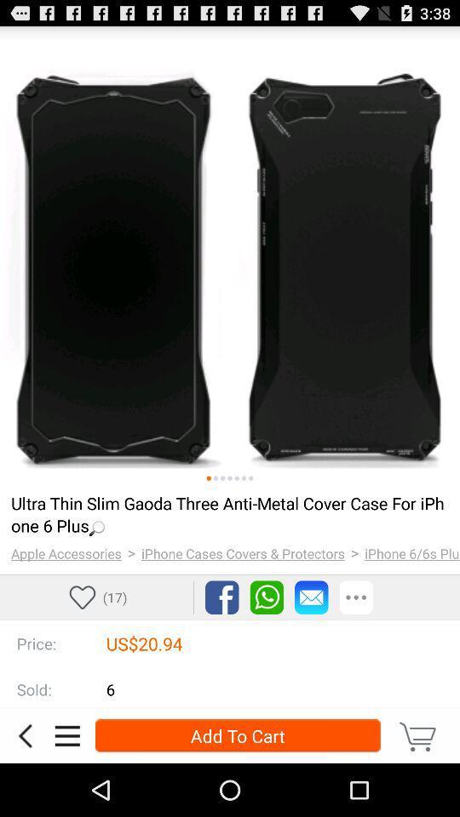 Image resolution: width=460 pixels, height=817 pixels. I want to click on the app to the right of the >, so click(411, 552).